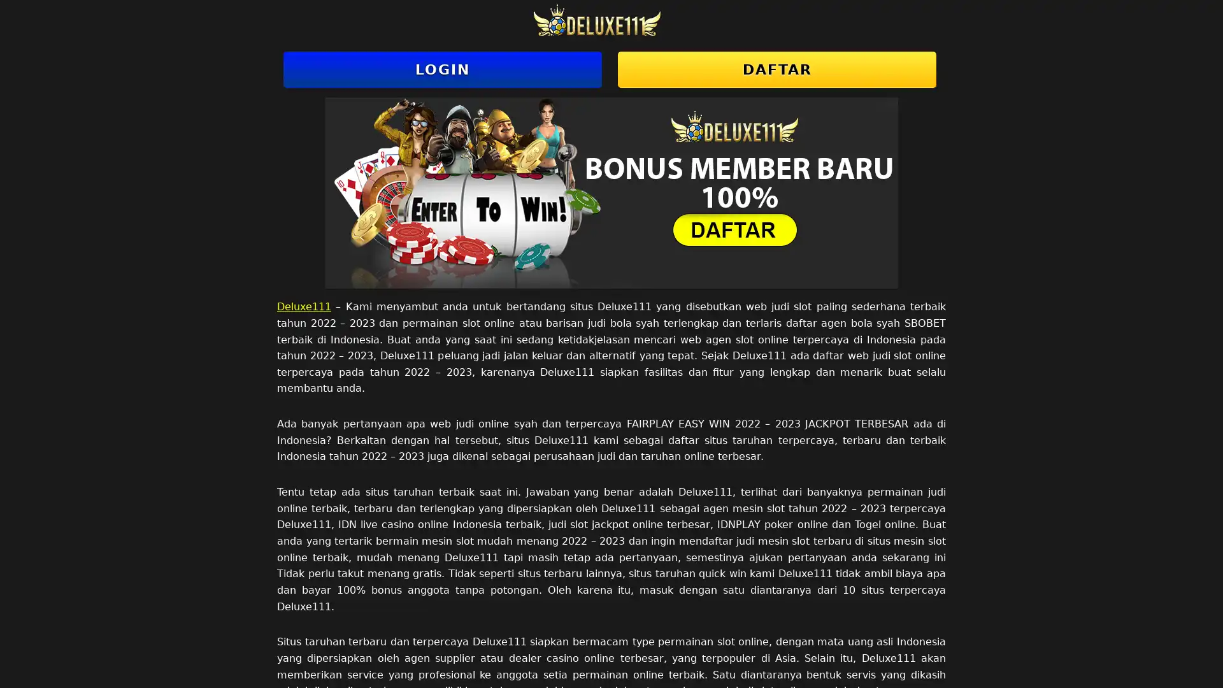 This screenshot has height=688, width=1223. What do you see at coordinates (776, 69) in the screenshot?
I see `DAFTAR` at bounding box center [776, 69].